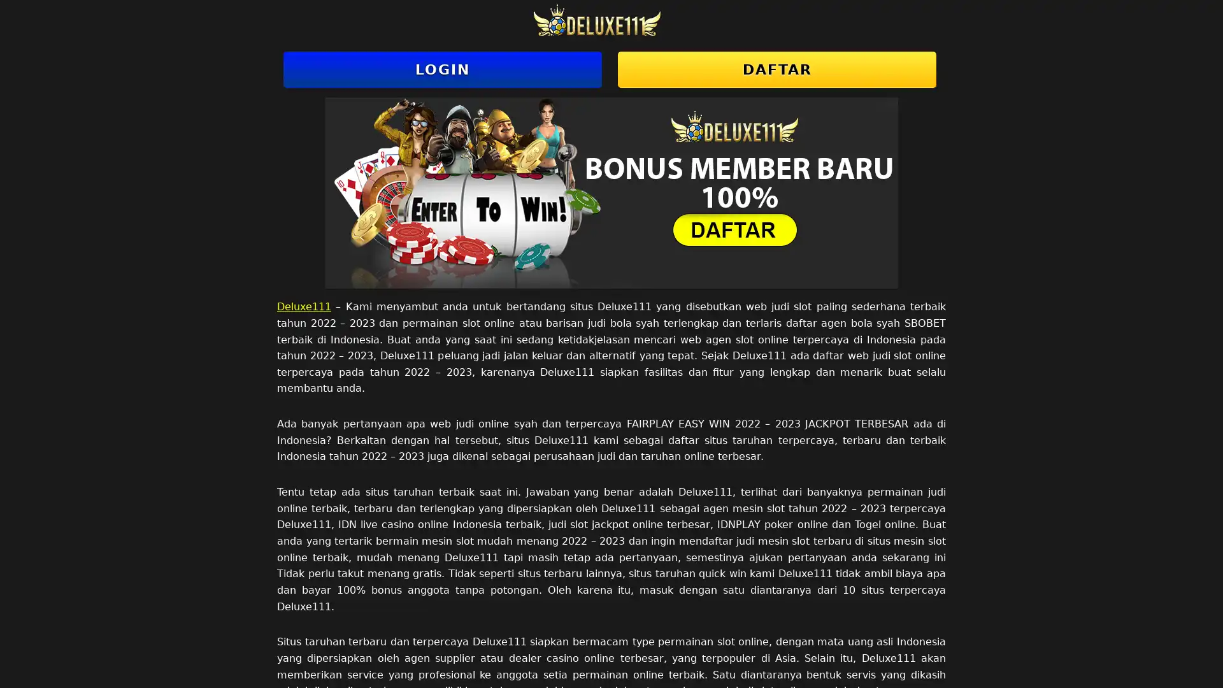 This screenshot has height=688, width=1223. What do you see at coordinates (776, 69) in the screenshot?
I see `DAFTAR` at bounding box center [776, 69].